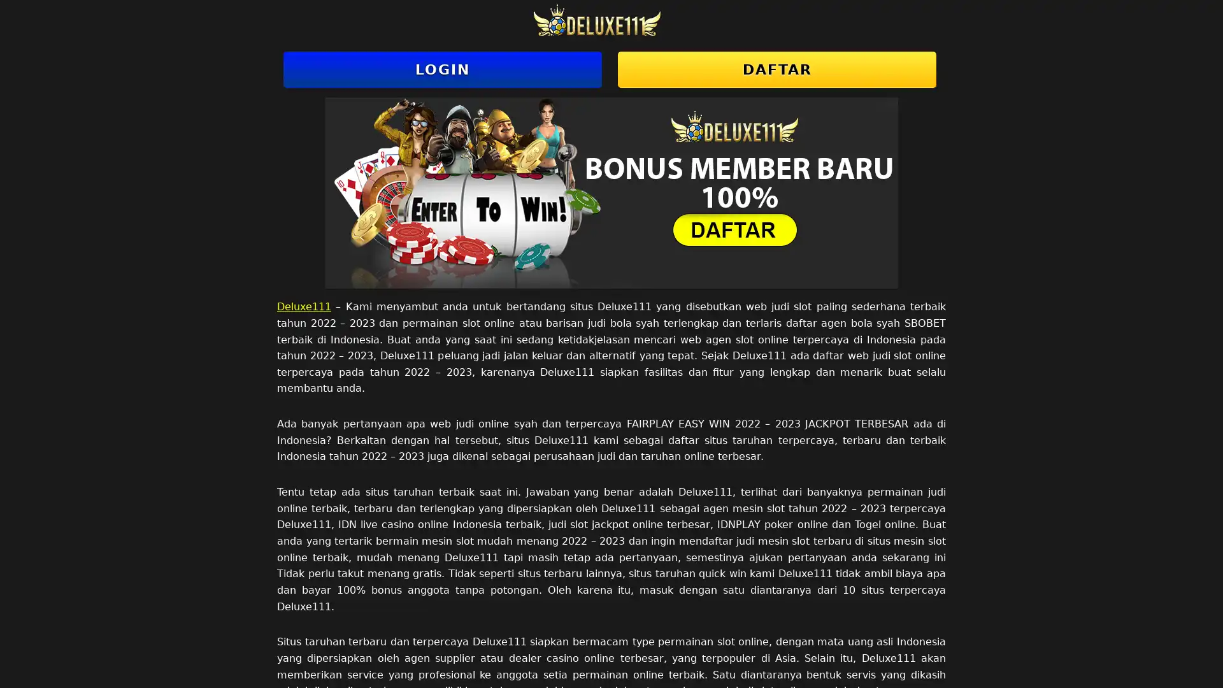 This screenshot has height=688, width=1223. What do you see at coordinates (776, 69) in the screenshot?
I see `DAFTAR` at bounding box center [776, 69].